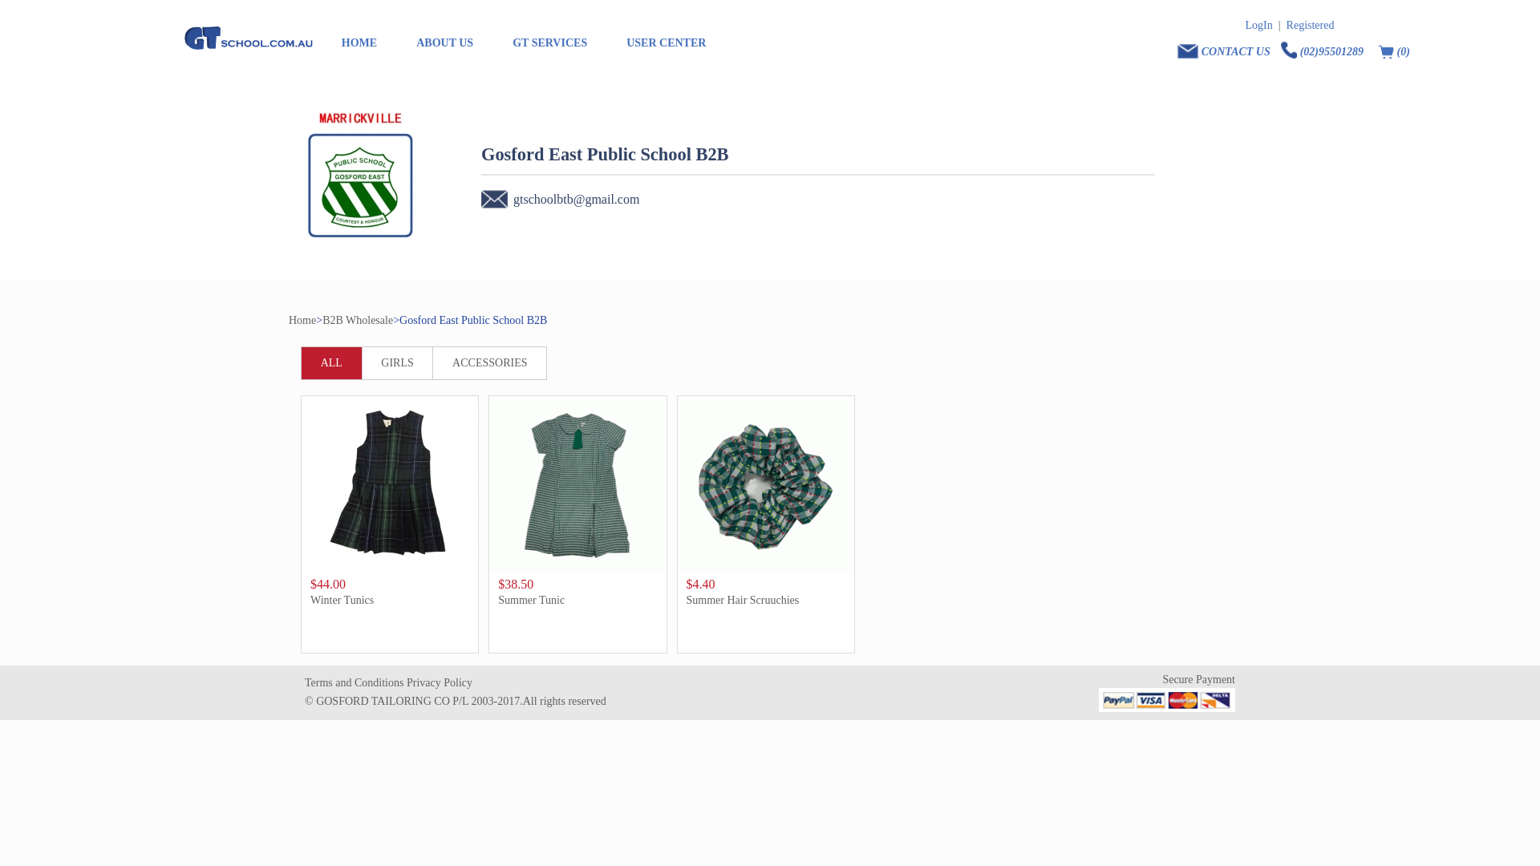 The image size is (1540, 866). I want to click on 'LogIn', so click(1258, 25).